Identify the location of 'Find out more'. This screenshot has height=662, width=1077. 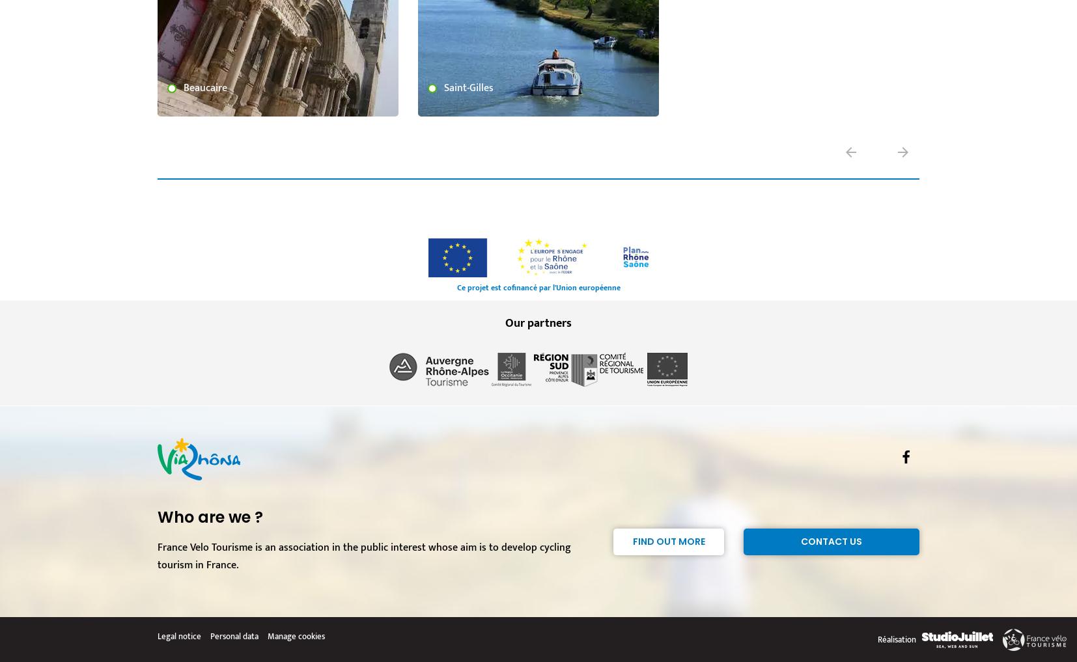
(632, 541).